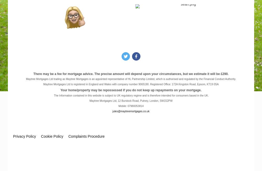  What do you see at coordinates (68, 136) in the screenshot?
I see `'Complaints Procedure'` at bounding box center [68, 136].